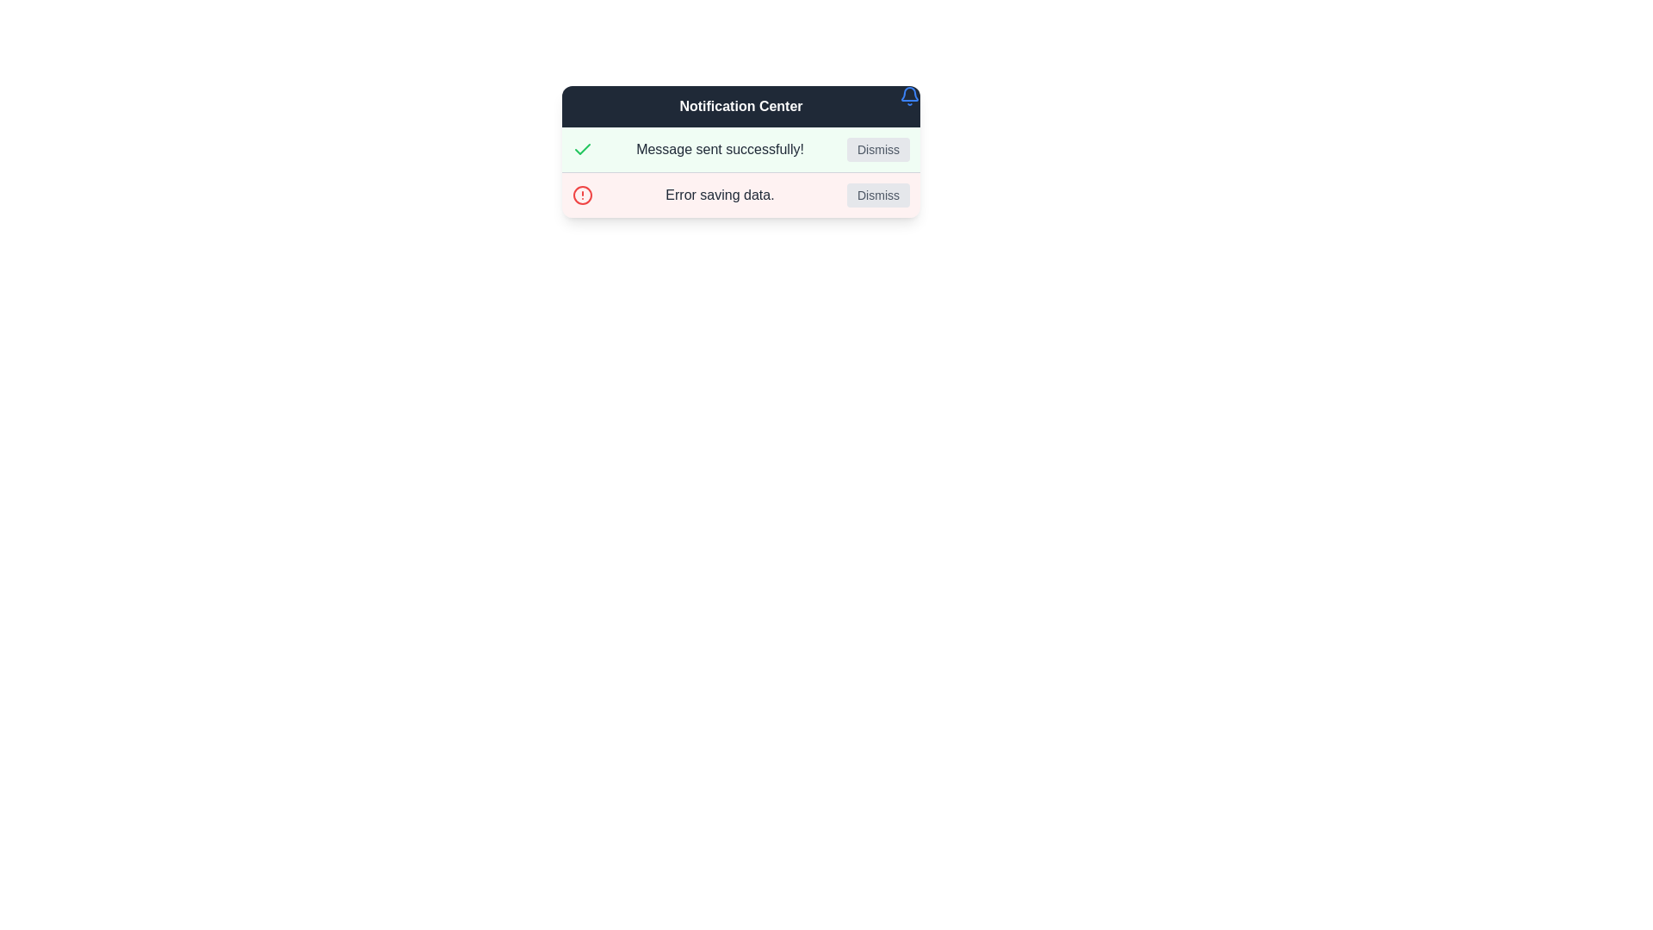 This screenshot has height=930, width=1653. Describe the element at coordinates (740, 151) in the screenshot. I see `the first notification item in the 'Notification Center'` at that location.